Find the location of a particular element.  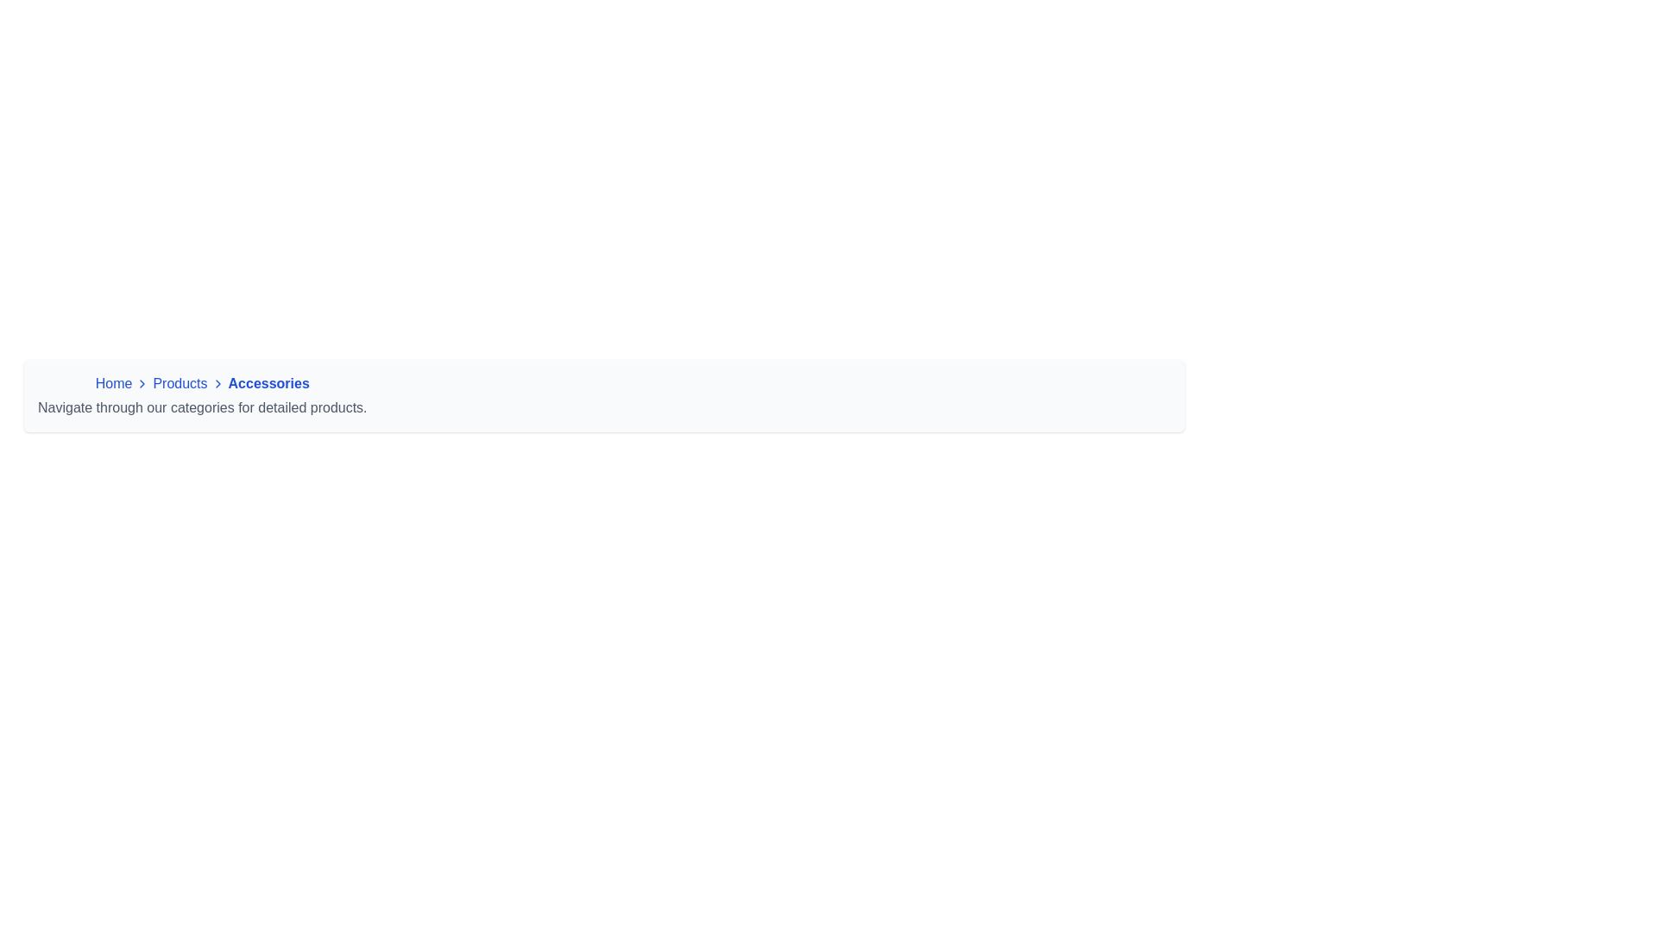

the Chevron-Right icon in the breadcrumb navigation that separates 'Home' and 'Products' is located at coordinates (142, 382).